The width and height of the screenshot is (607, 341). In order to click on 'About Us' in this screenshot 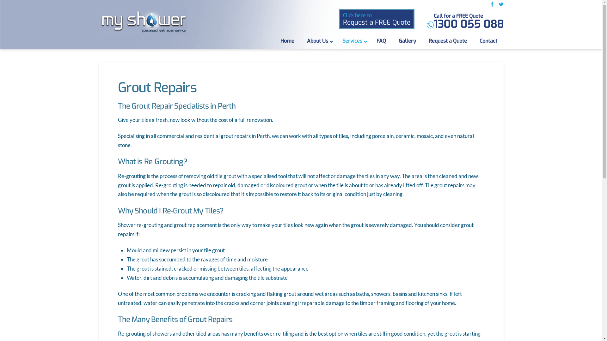, I will do `click(318, 41)`.